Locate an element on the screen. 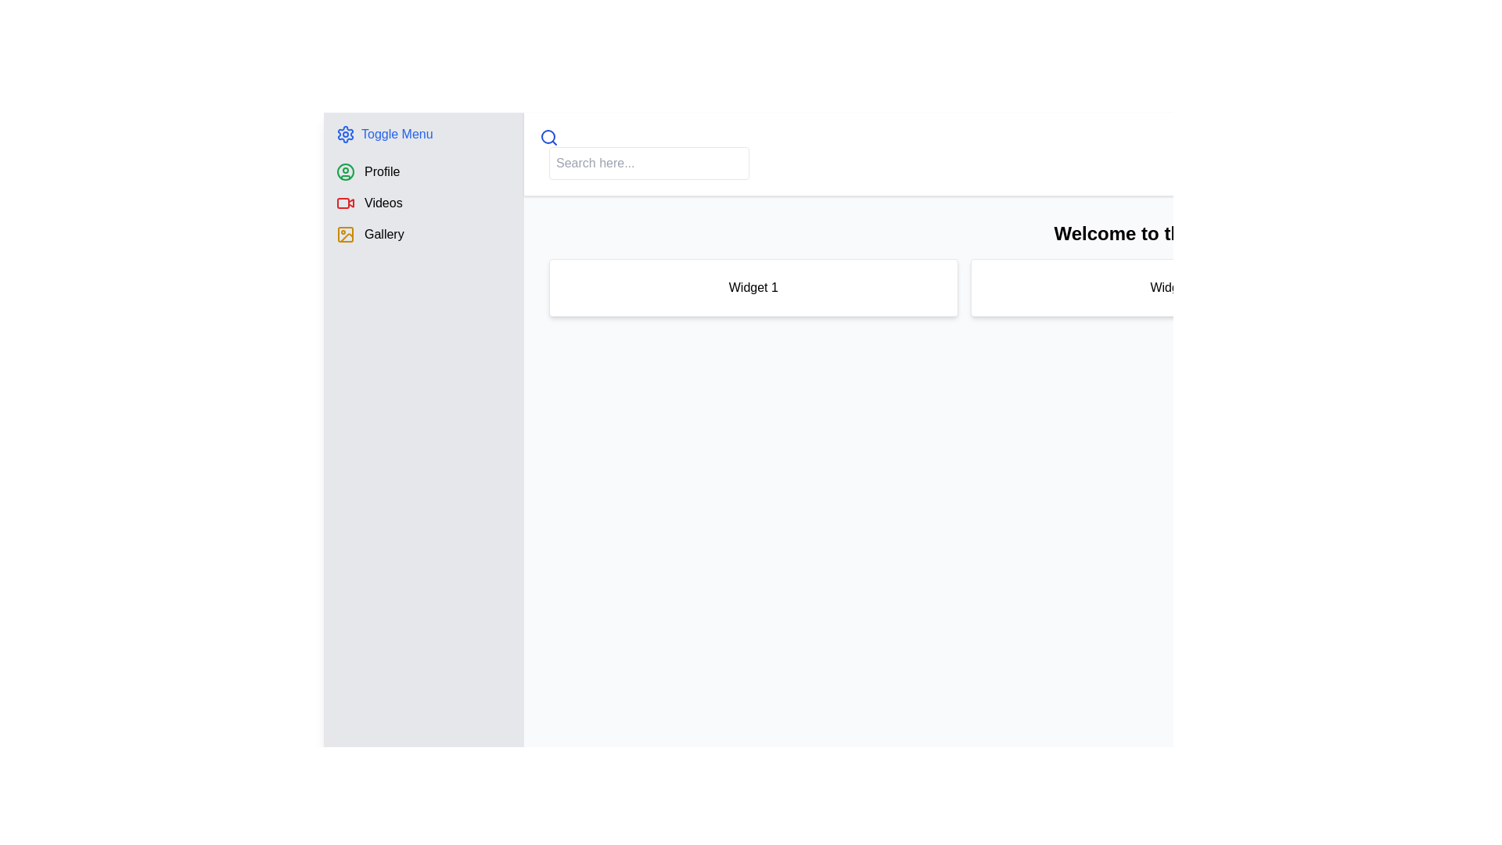 The image size is (1502, 845). the circular icon of the search functionality, which is centered within the larger magnifying glass symbol at the top of the interface near the search input field is located at coordinates (548, 135).